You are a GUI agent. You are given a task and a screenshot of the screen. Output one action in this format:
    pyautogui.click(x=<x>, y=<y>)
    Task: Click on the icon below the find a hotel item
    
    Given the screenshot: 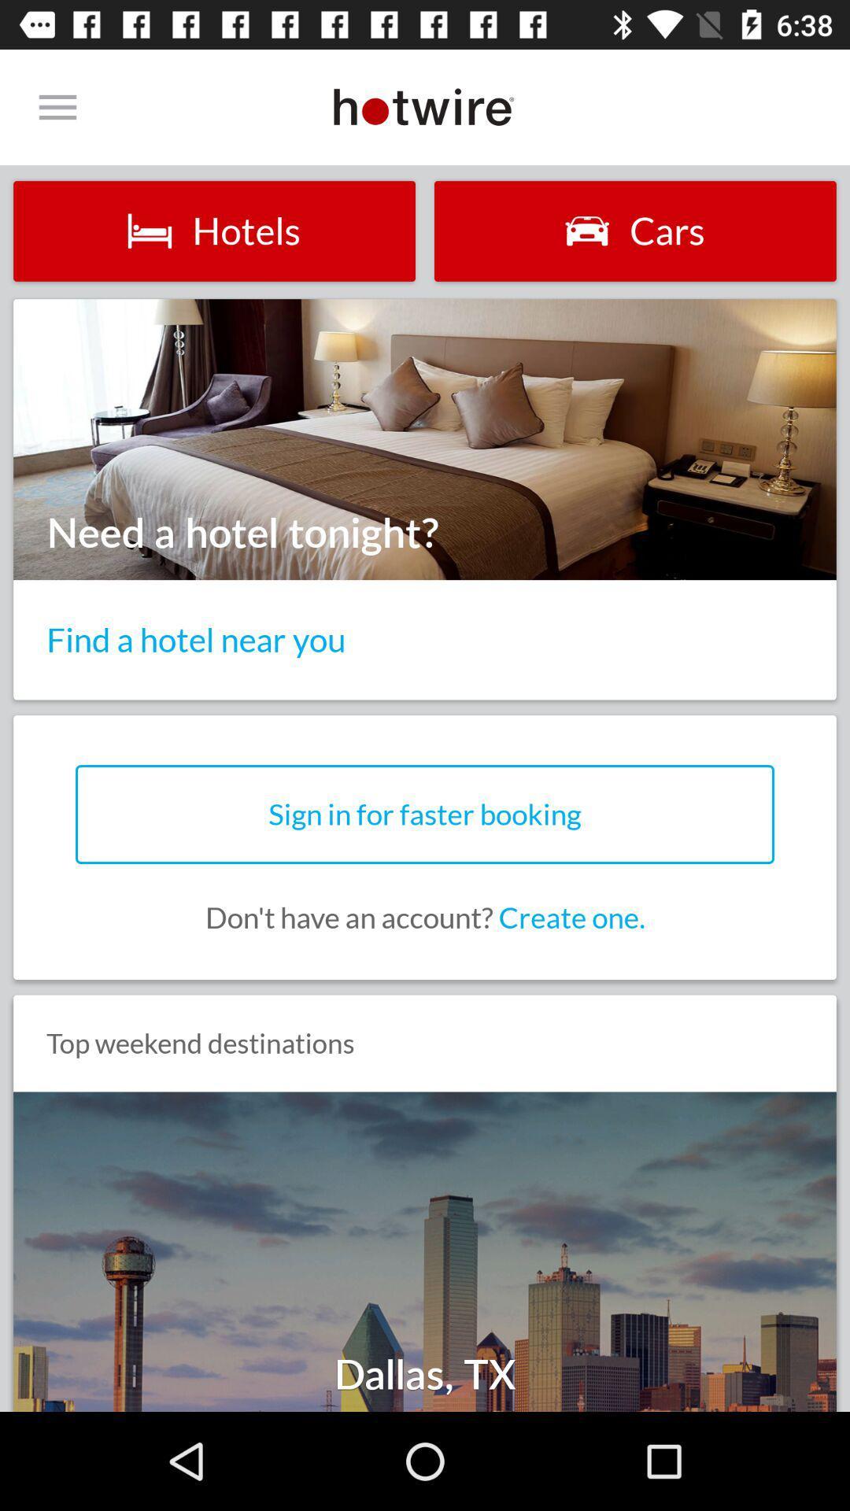 What is the action you would take?
    pyautogui.click(x=425, y=815)
    